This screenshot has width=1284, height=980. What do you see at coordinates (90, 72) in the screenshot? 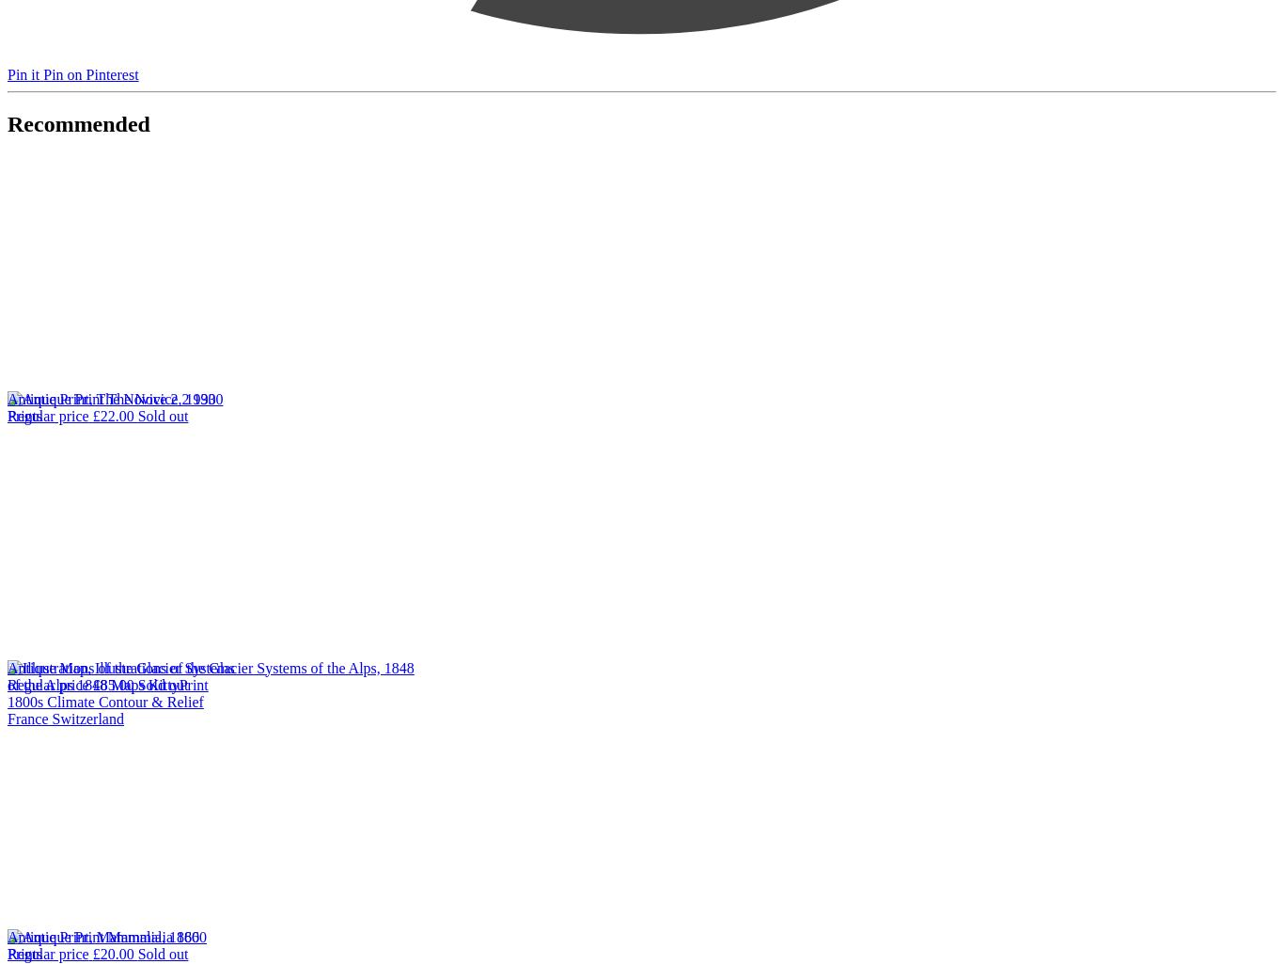
I see `'Pin on Pinterest'` at bounding box center [90, 72].